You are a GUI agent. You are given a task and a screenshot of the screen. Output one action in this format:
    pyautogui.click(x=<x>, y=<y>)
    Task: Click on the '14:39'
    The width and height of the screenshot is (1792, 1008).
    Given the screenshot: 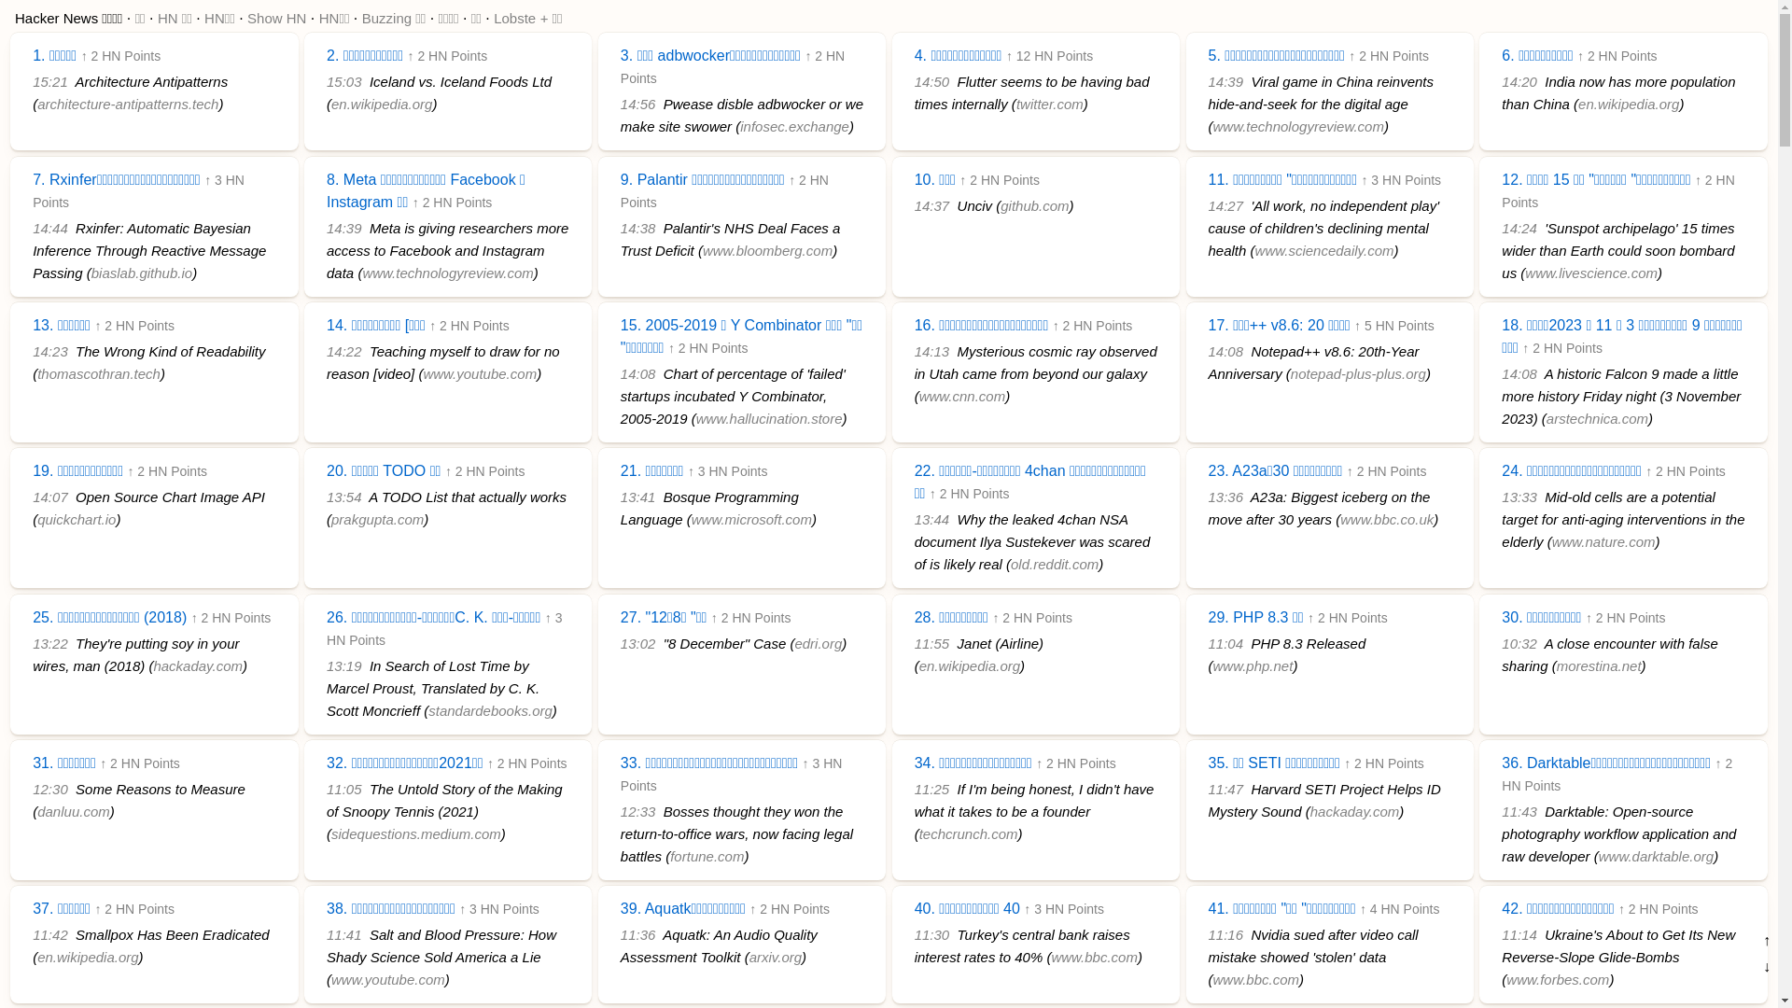 What is the action you would take?
    pyautogui.click(x=1225, y=80)
    